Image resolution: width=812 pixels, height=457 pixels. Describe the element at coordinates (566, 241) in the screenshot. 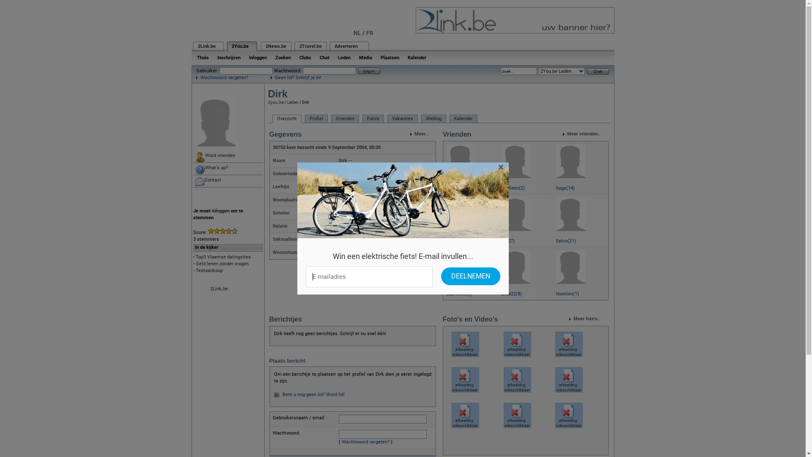

I see `'Eelco(21)'` at that location.